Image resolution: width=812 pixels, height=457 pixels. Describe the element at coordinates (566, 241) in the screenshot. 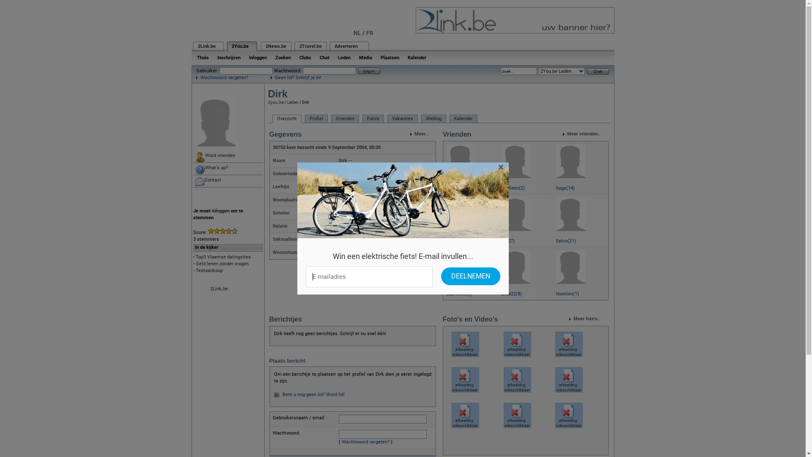

I see `'Eelco(21)'` at that location.